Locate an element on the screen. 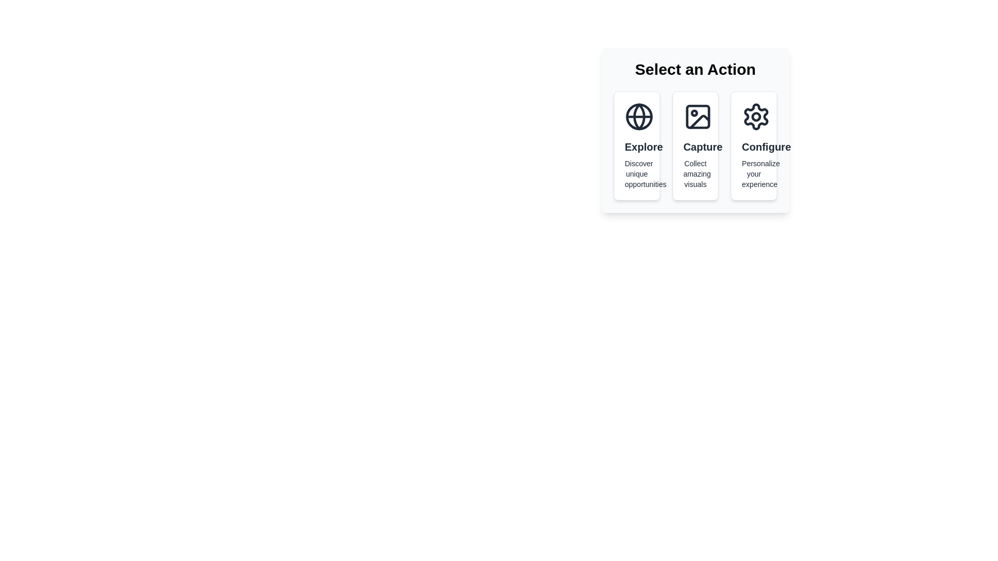 This screenshot has height=561, width=998. the second action card button in the grid layout is located at coordinates (695, 146).